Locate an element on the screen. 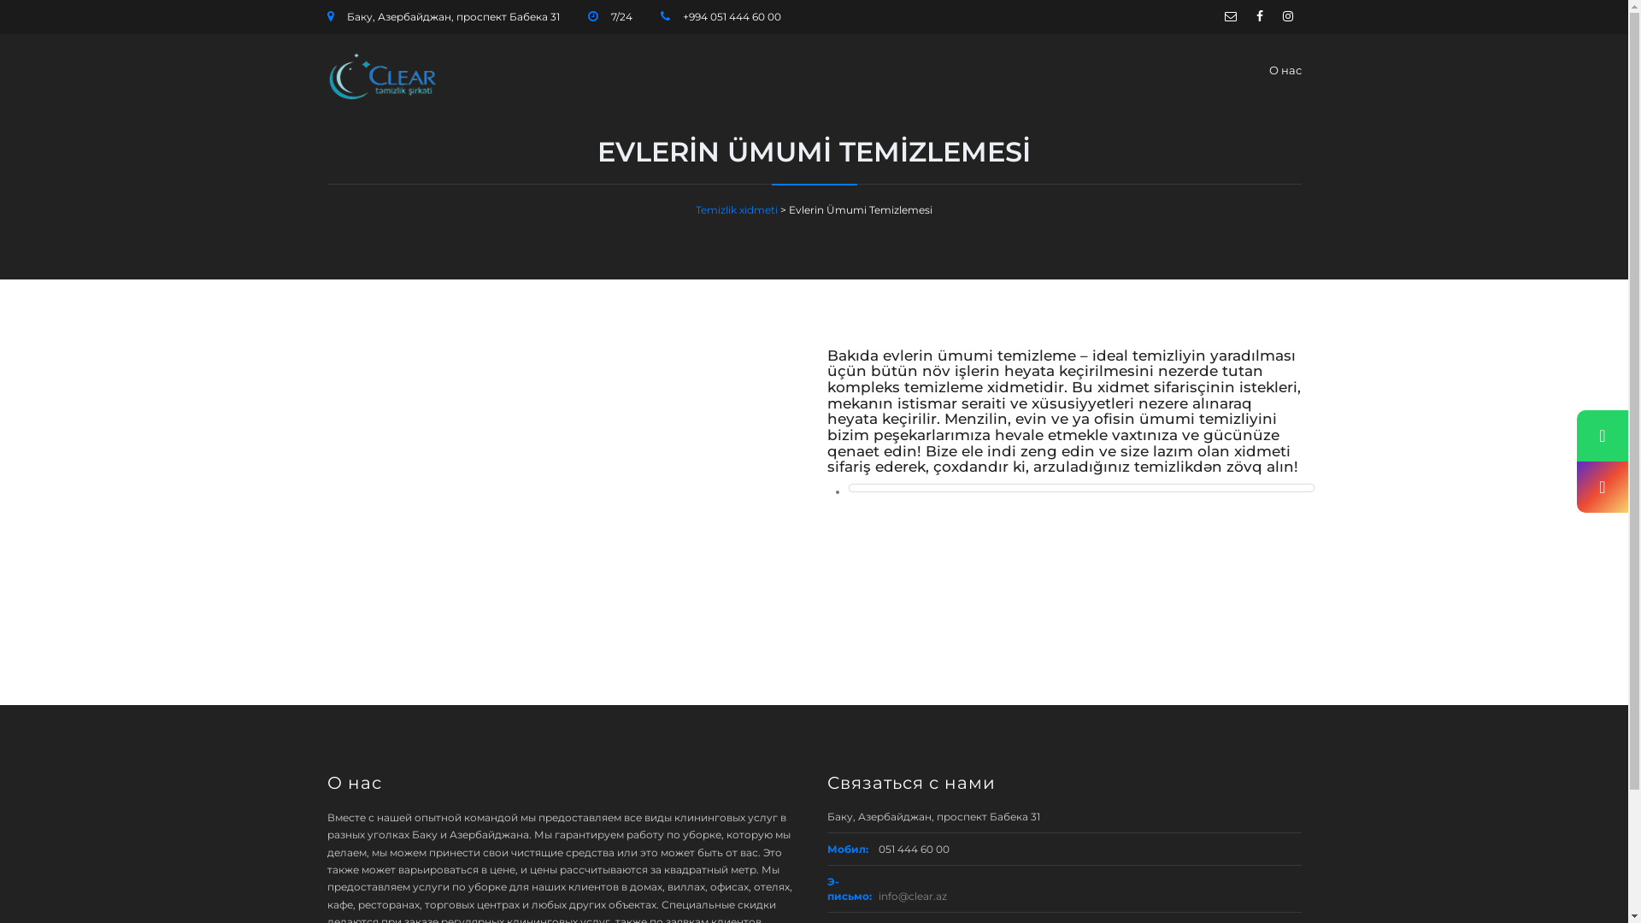 This screenshot has height=923, width=1641. 'Temizlik xidmeti' is located at coordinates (737, 209).